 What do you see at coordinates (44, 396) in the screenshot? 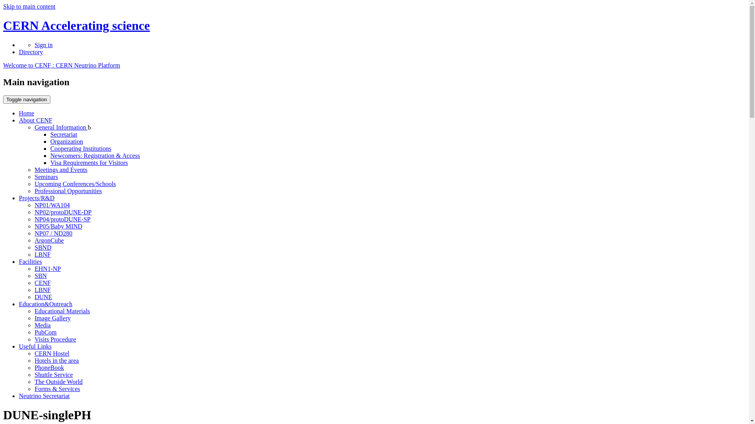
I see `'Neutrino Secretariat'` at bounding box center [44, 396].